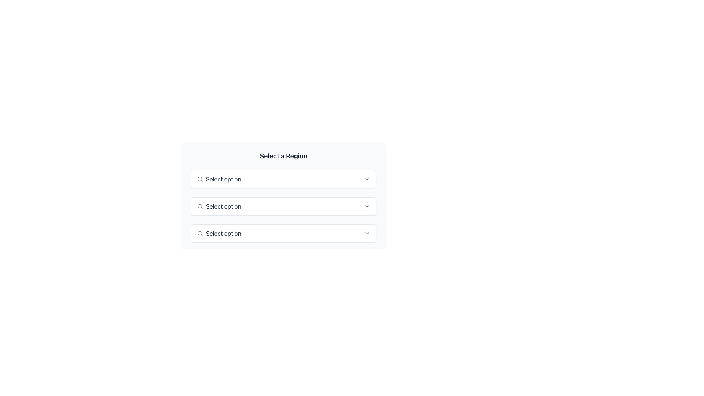 This screenshot has width=704, height=396. I want to click on the Dropdown menu located under the 'Select a Region' section, which is the first in a vertical stack of similar dropdown menus, so click(283, 179).